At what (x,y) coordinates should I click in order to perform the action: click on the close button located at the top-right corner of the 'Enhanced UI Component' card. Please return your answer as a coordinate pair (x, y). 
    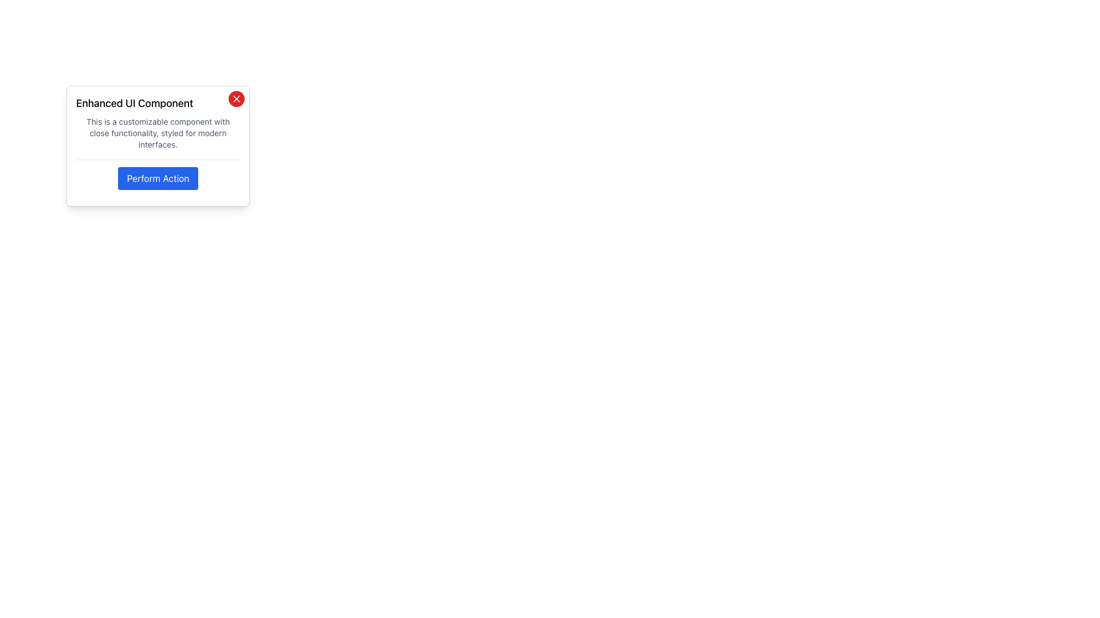
    Looking at the image, I should click on (235, 98).